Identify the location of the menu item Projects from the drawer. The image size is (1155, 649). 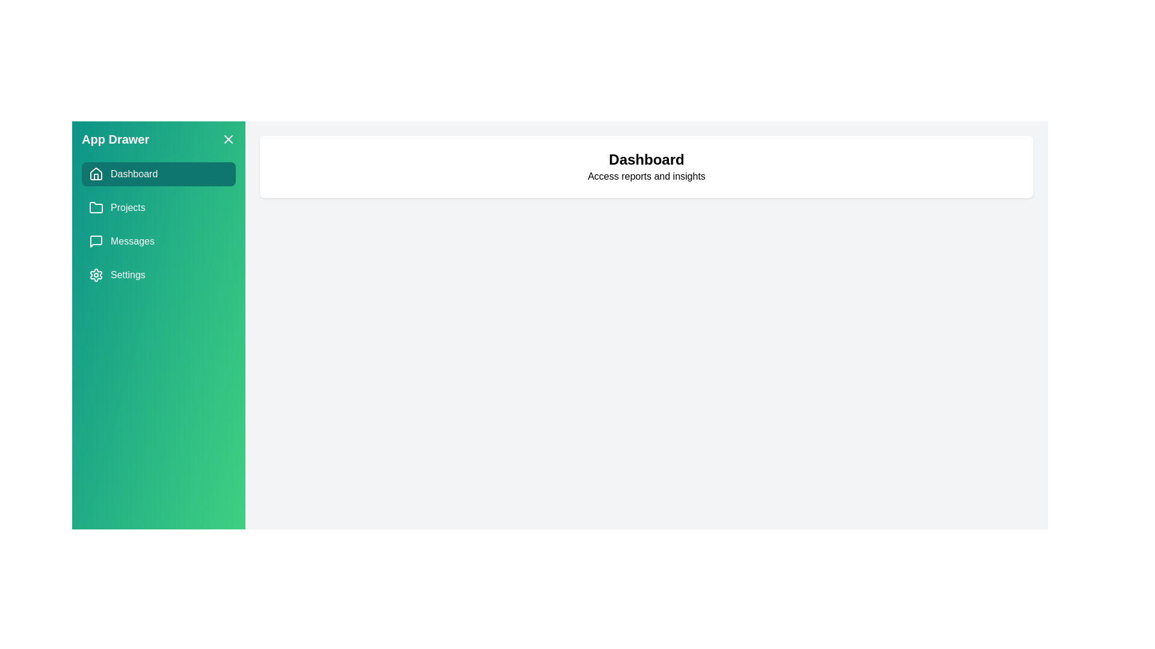
(158, 207).